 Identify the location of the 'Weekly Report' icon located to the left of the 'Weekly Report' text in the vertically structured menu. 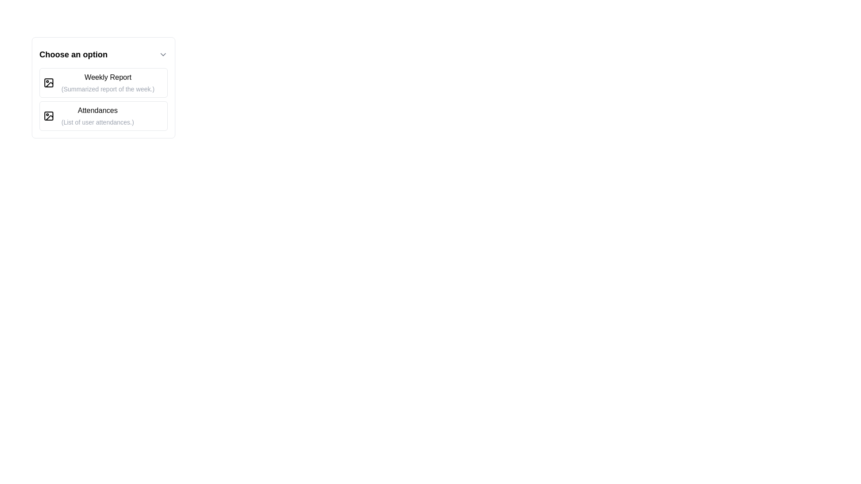
(48, 83).